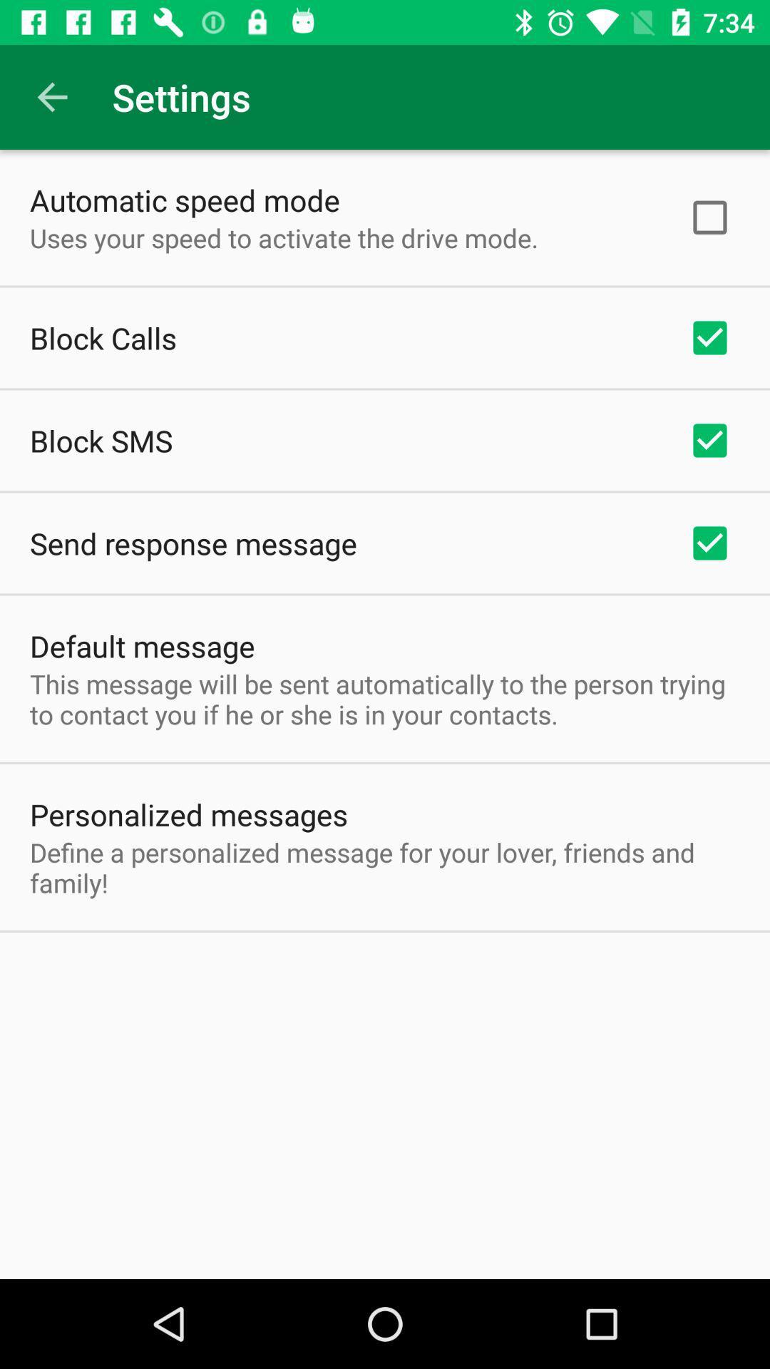 The height and width of the screenshot is (1369, 770). I want to click on the this message will, so click(385, 699).